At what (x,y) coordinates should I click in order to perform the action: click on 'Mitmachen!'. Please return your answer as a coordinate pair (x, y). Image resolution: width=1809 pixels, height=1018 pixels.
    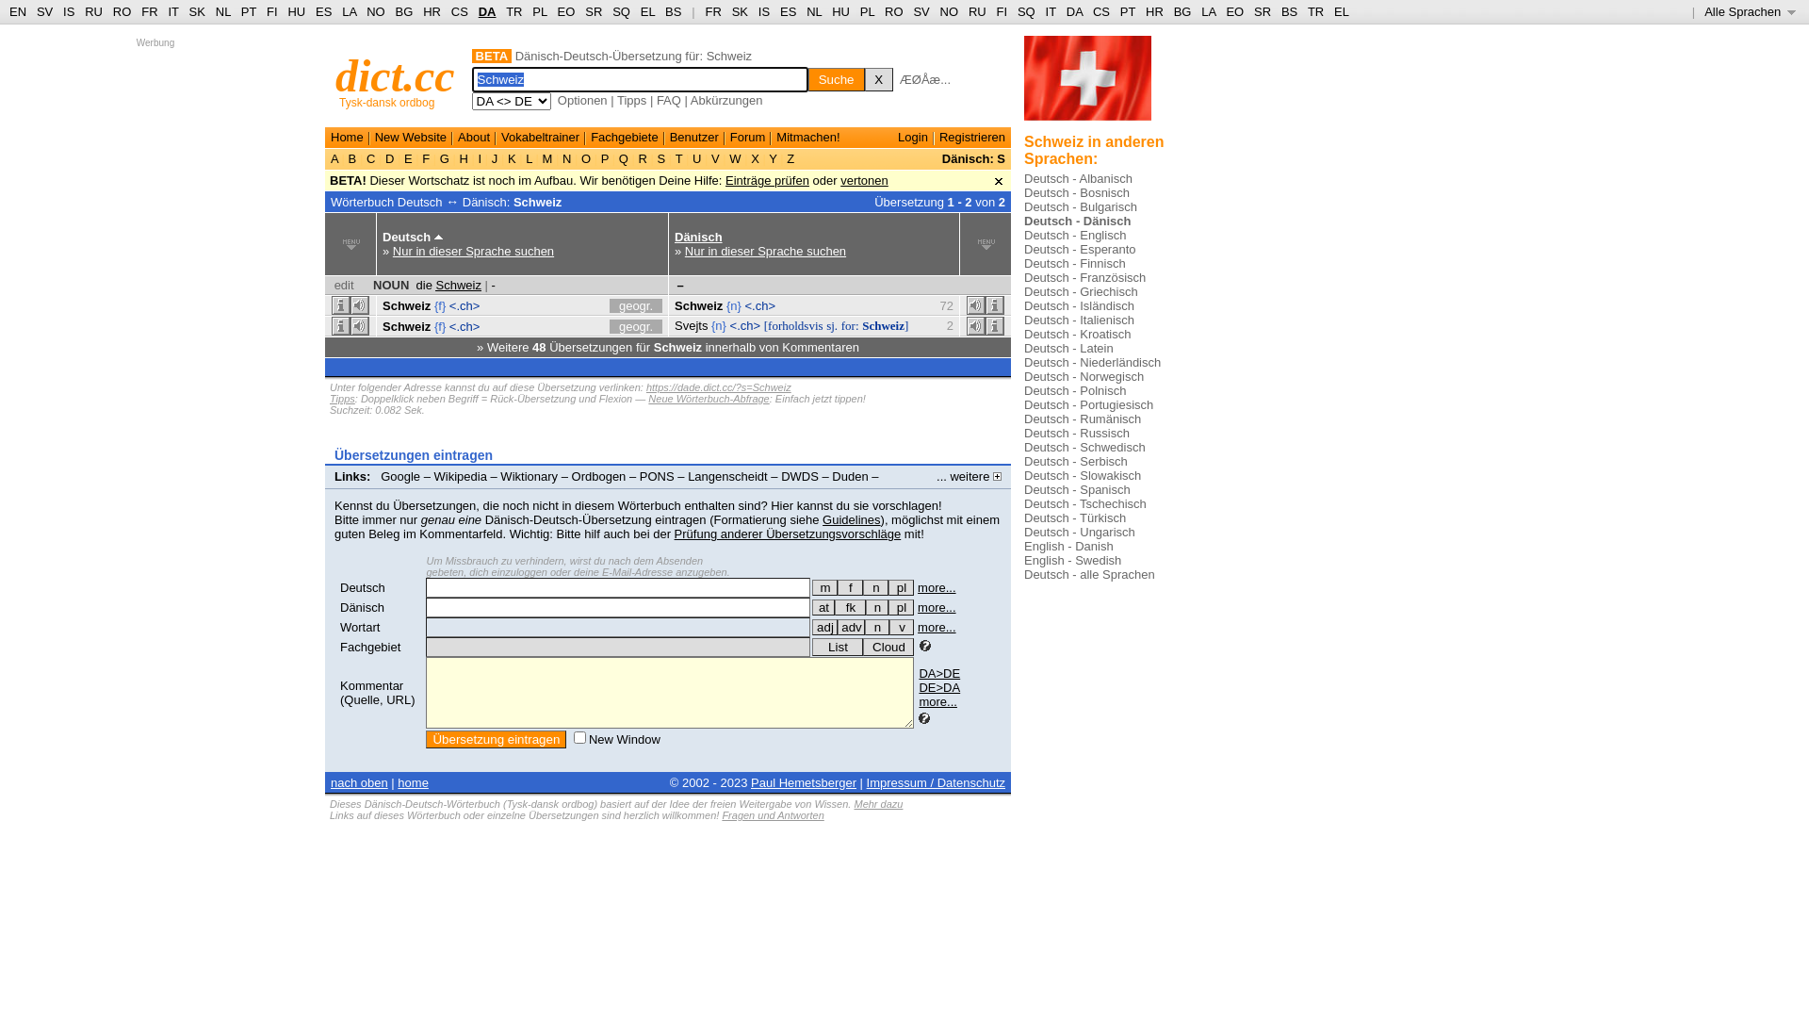
    Looking at the image, I should click on (807, 136).